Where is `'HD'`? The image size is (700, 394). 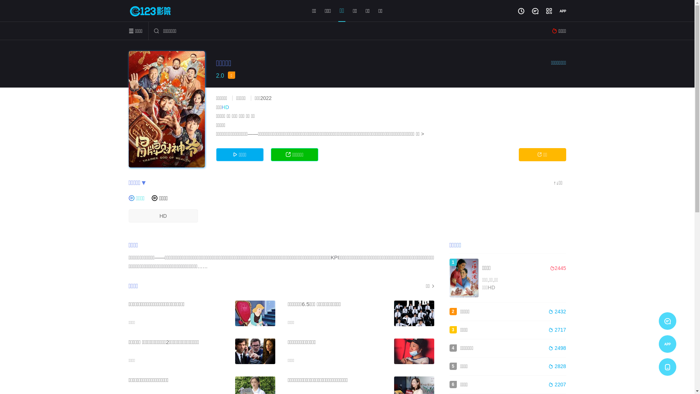
'HD' is located at coordinates (162, 215).